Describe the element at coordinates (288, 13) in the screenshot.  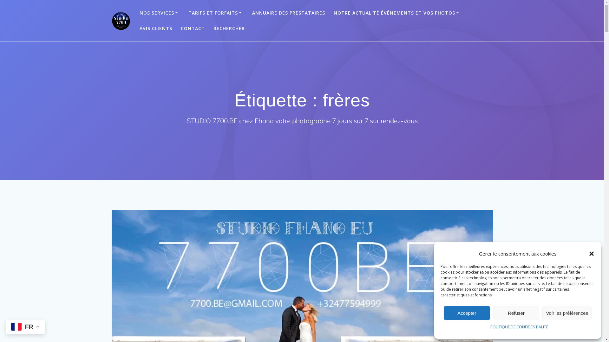
I see `'ANNUAIRE DES PRESTATAIRES'` at that location.